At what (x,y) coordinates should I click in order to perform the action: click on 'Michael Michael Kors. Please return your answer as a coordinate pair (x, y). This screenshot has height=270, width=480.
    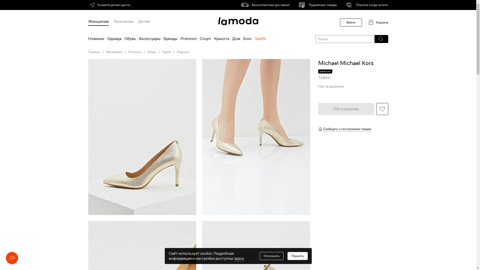
    Looking at the image, I should click on (345, 66).